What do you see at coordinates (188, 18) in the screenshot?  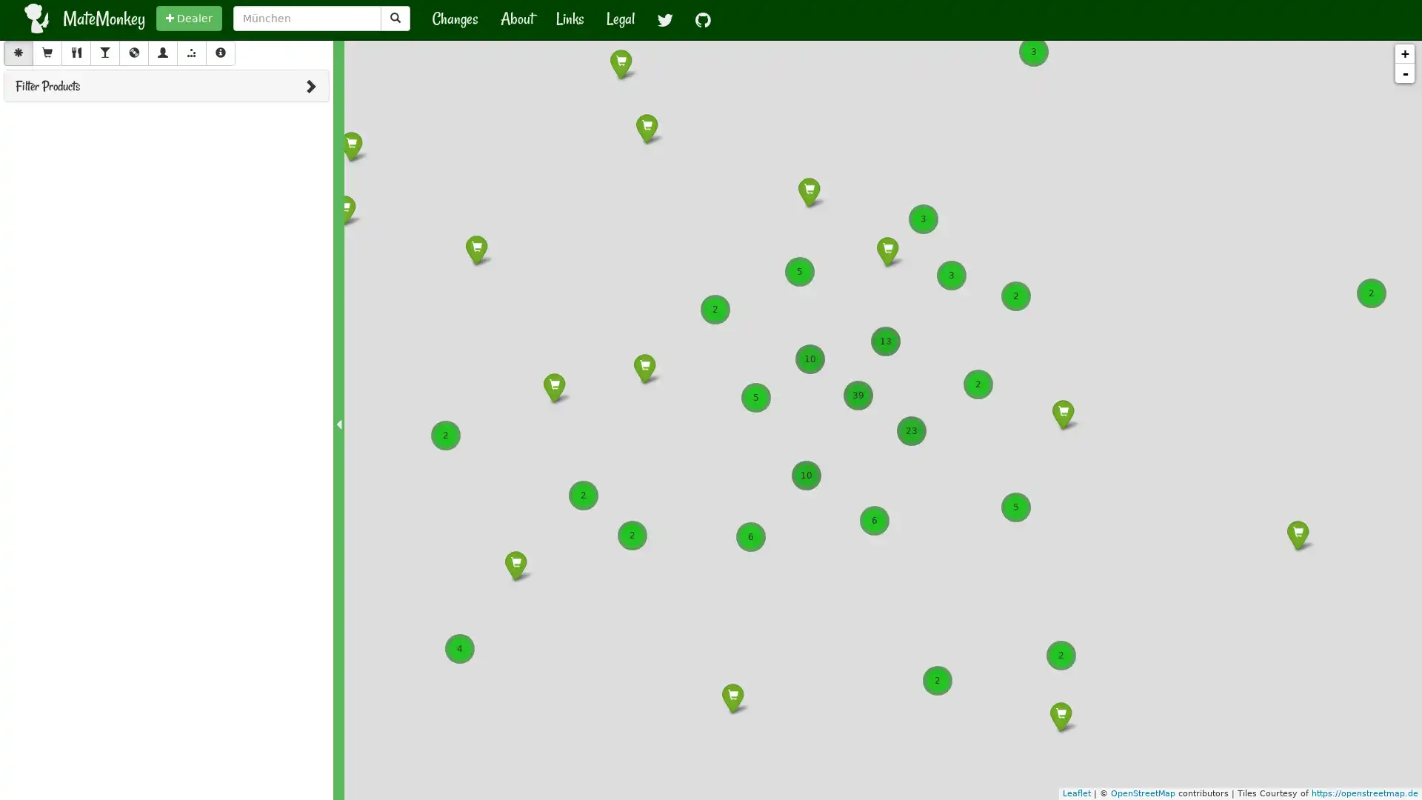 I see `Dealer` at bounding box center [188, 18].